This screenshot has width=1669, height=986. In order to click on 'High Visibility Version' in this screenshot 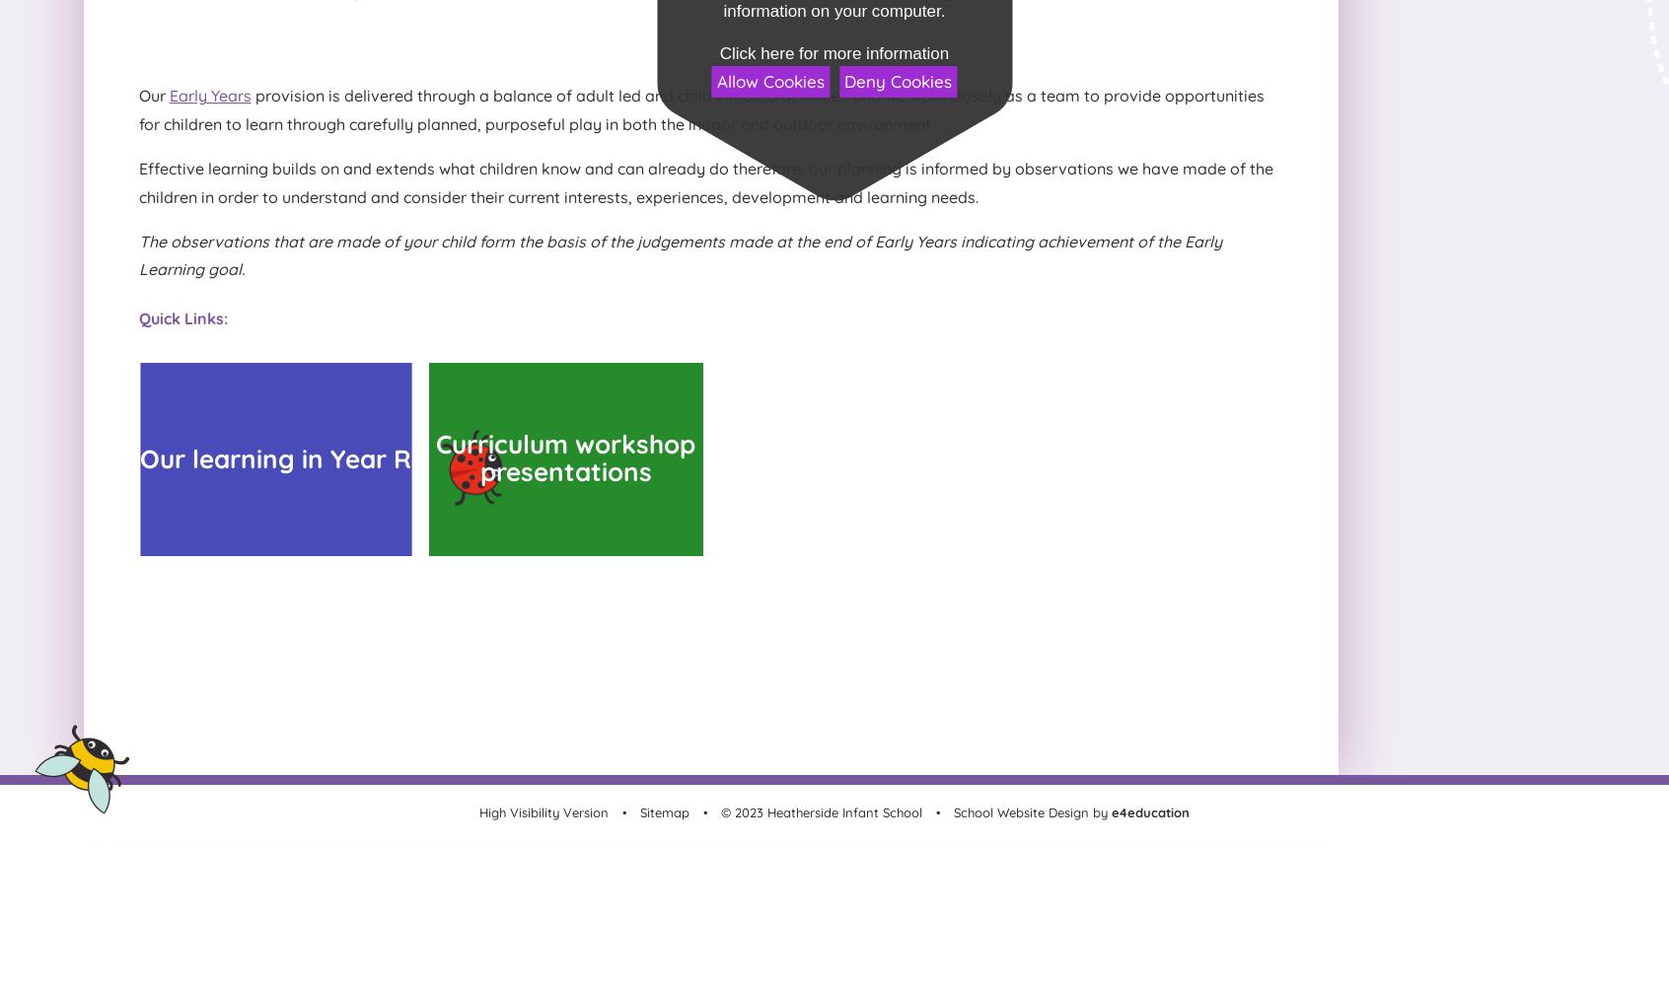, I will do `click(477, 810)`.